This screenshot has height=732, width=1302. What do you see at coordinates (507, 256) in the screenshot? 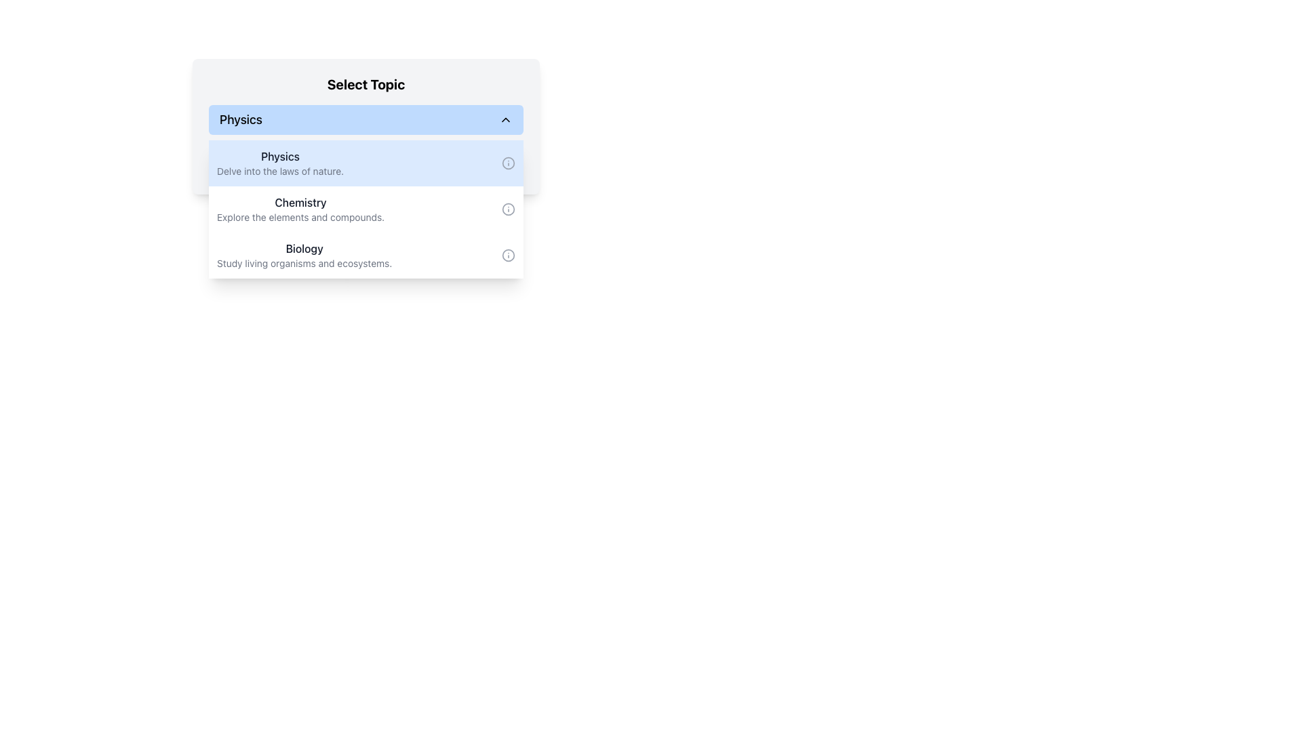
I see `the small circular info icon located to the far-right of the 'Biology' section` at bounding box center [507, 256].